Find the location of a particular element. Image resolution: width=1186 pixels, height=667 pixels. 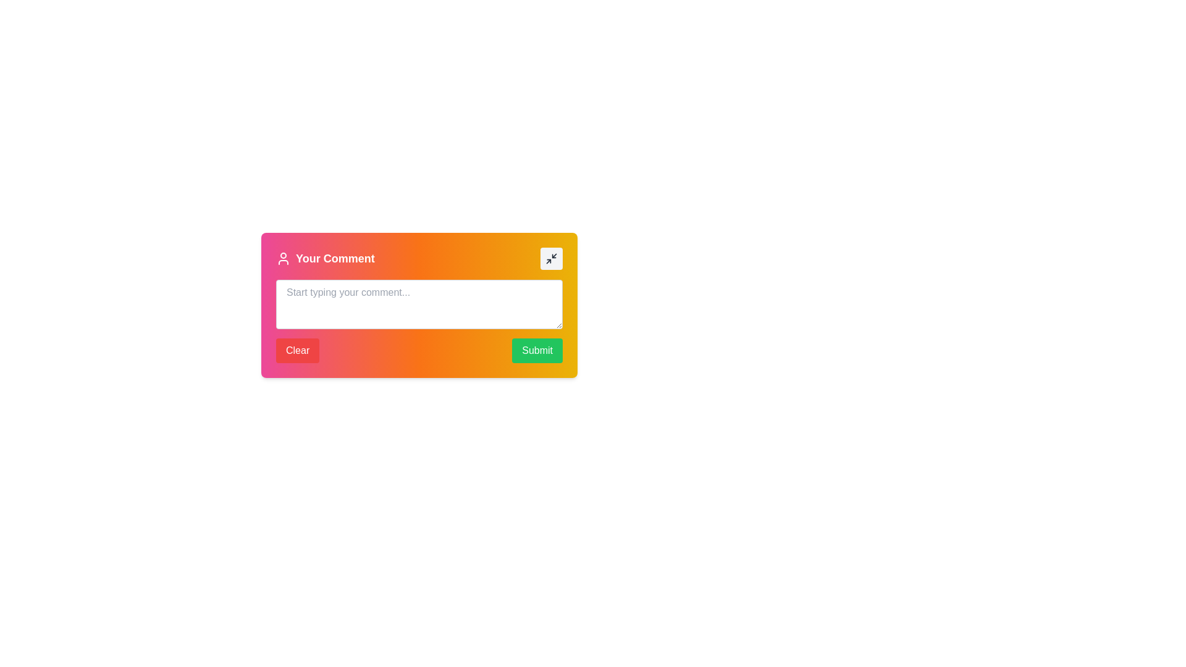

the Text Label that describes the purpose of the section or input field below it, located to the right of a user silhouette icon is located at coordinates (335, 258).